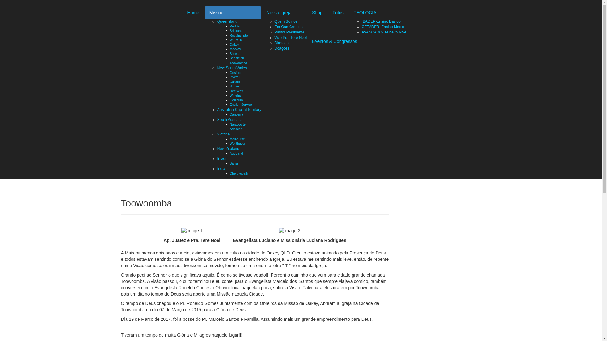  I want to click on 'Quem Somos', so click(285, 21).